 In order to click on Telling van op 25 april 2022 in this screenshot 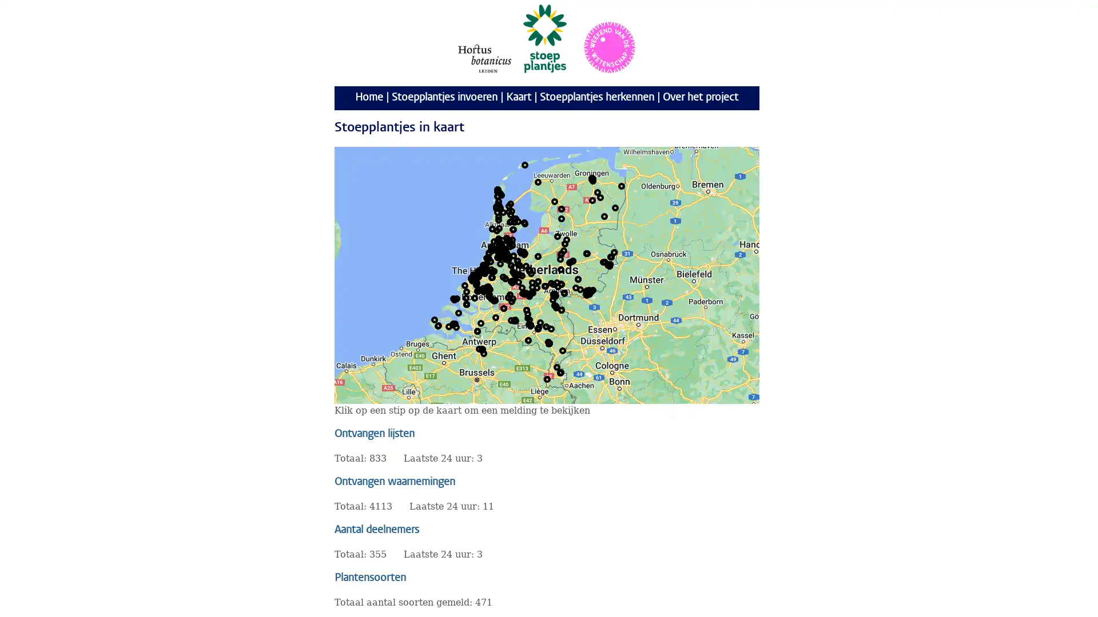, I will do `click(512, 280)`.